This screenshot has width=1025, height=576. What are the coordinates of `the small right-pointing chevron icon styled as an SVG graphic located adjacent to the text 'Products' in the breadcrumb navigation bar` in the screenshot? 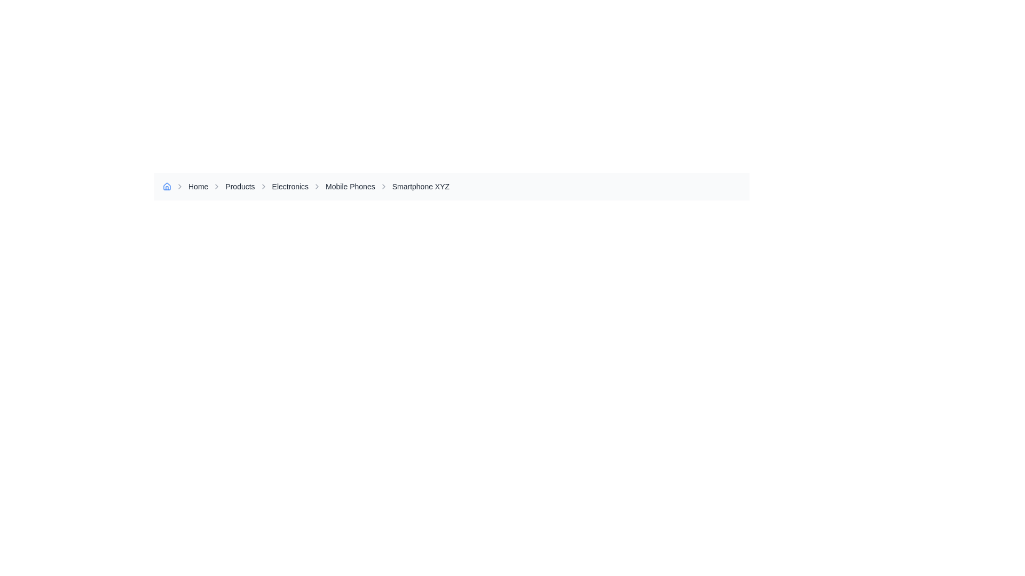 It's located at (216, 186).